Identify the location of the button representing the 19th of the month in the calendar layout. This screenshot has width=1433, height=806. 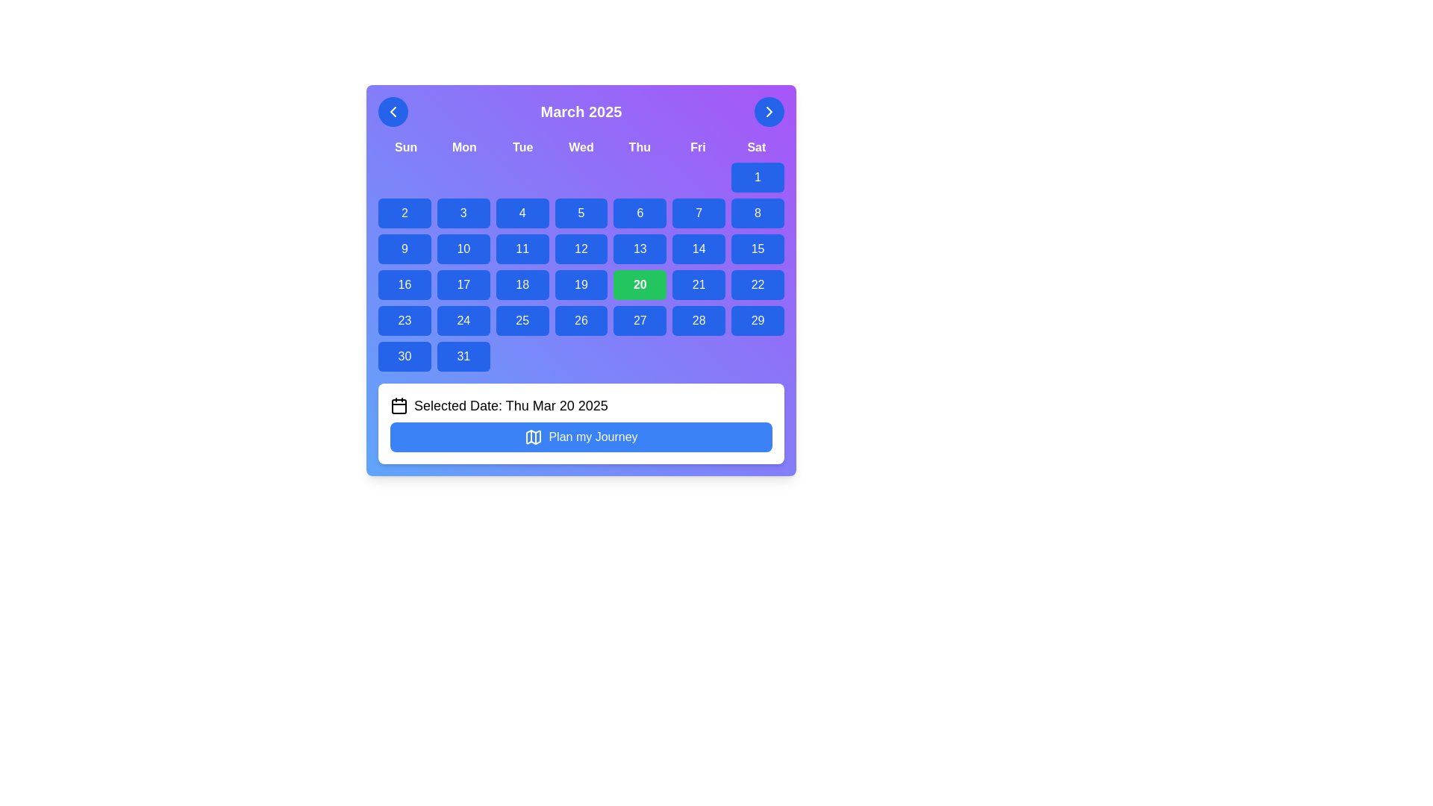
(580, 284).